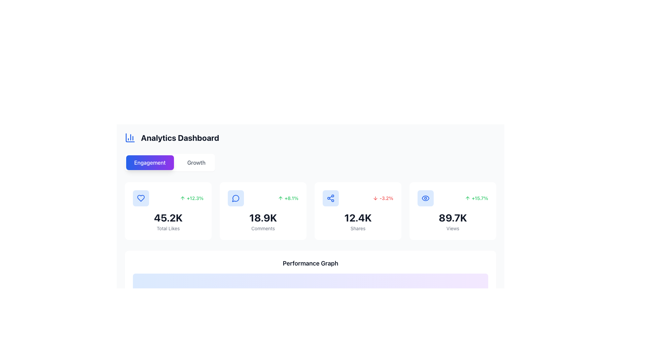  What do you see at coordinates (453, 211) in the screenshot?
I see `the fourth Statistical information card in the dashboard` at bounding box center [453, 211].